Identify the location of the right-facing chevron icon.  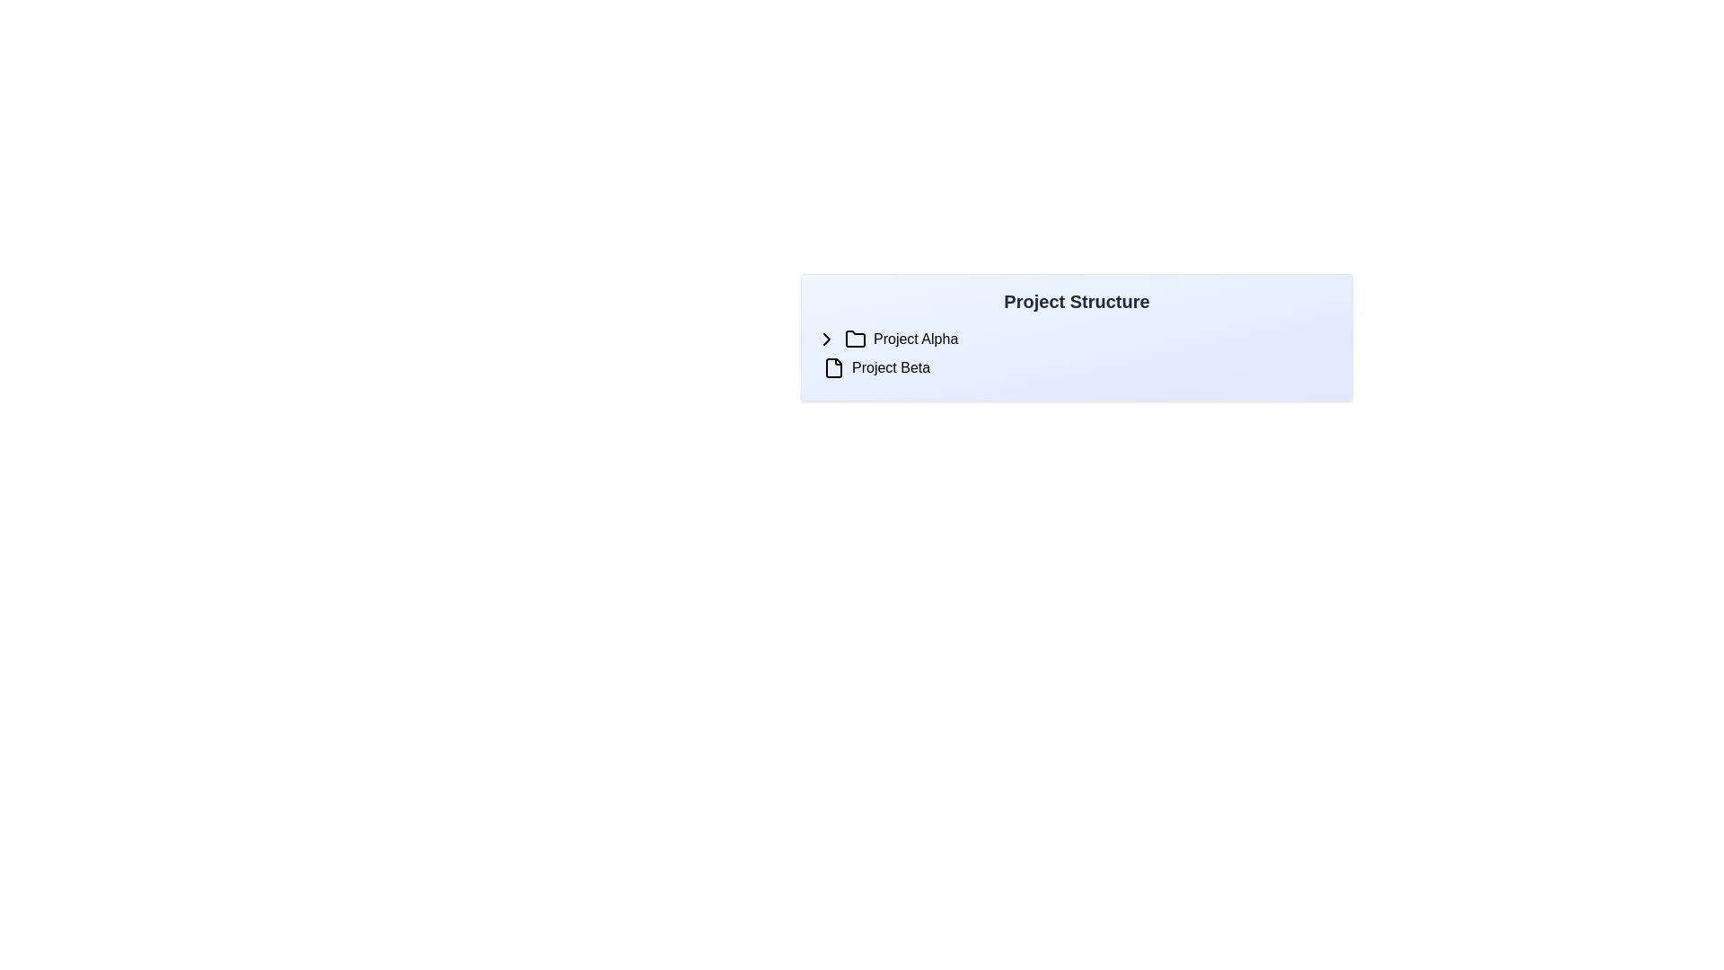
(826, 339).